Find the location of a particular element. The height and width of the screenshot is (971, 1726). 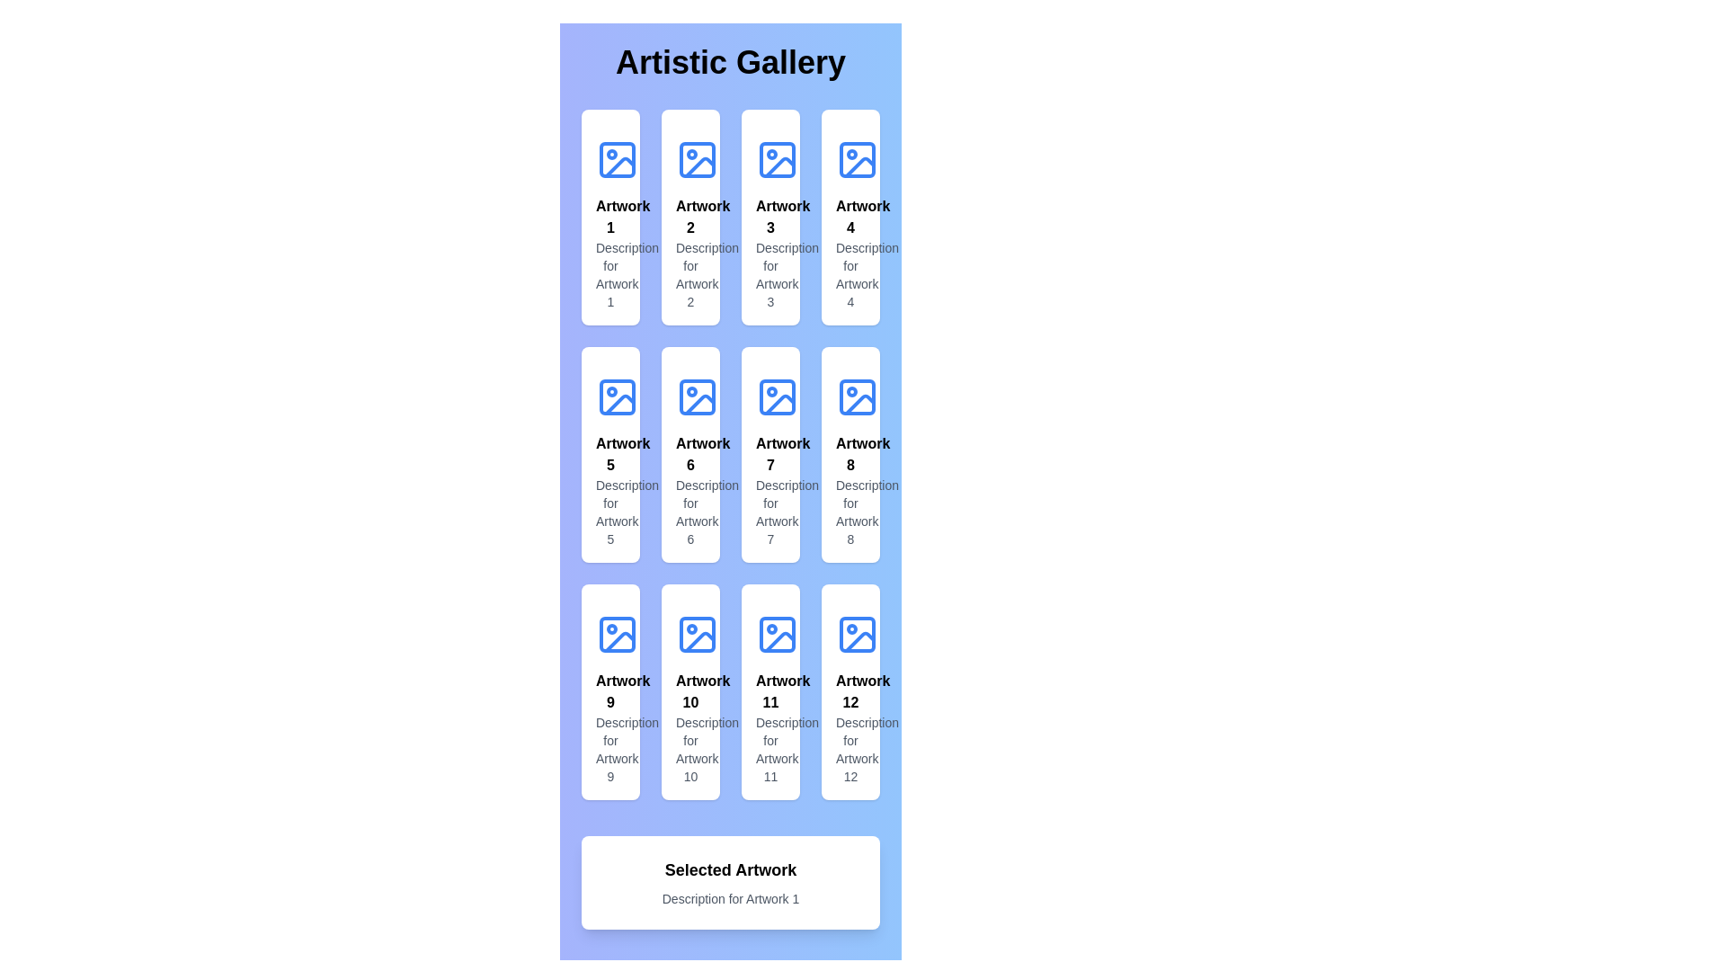

the static text label that displays 'Description for Artwork 3', which is styled in a smaller gray font and is located below the title 'Artwork 3' within the card structure is located at coordinates (770, 274).